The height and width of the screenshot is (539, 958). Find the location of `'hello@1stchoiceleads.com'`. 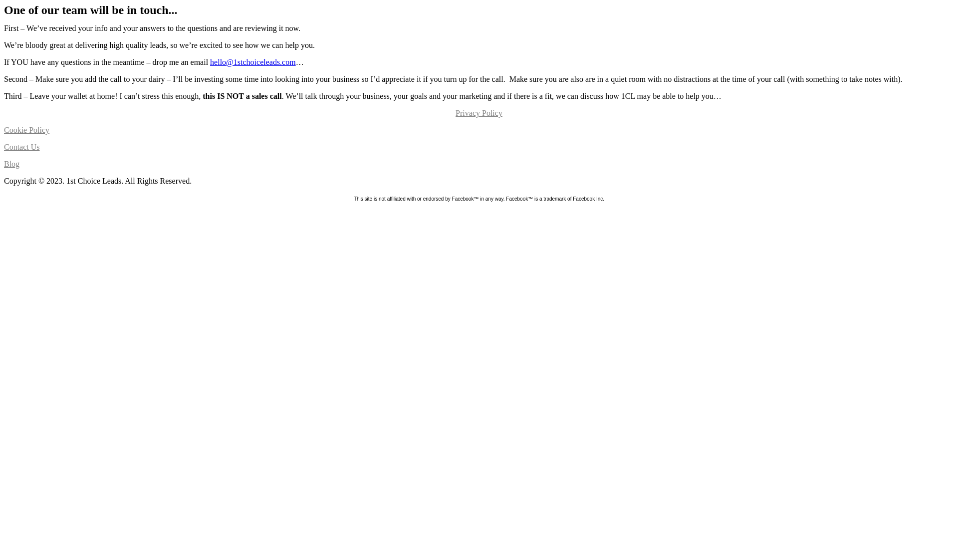

'hello@1stchoiceleads.com' is located at coordinates (253, 62).